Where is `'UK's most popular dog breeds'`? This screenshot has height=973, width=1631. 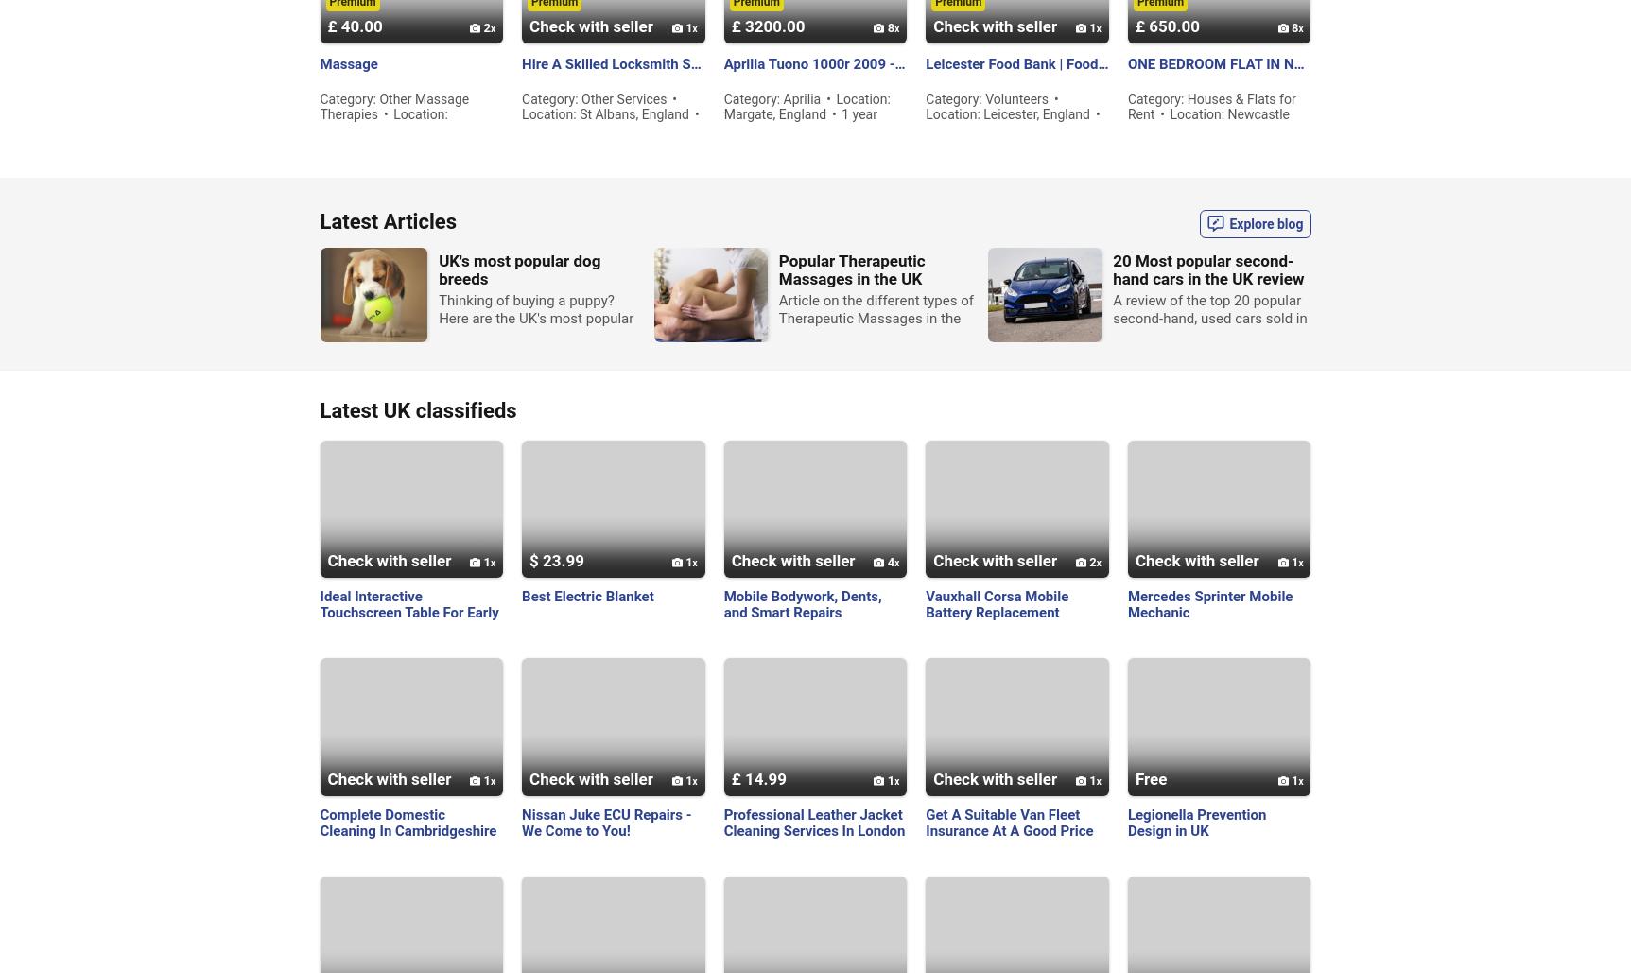 'UK's most popular dog breeds' is located at coordinates (519, 267).